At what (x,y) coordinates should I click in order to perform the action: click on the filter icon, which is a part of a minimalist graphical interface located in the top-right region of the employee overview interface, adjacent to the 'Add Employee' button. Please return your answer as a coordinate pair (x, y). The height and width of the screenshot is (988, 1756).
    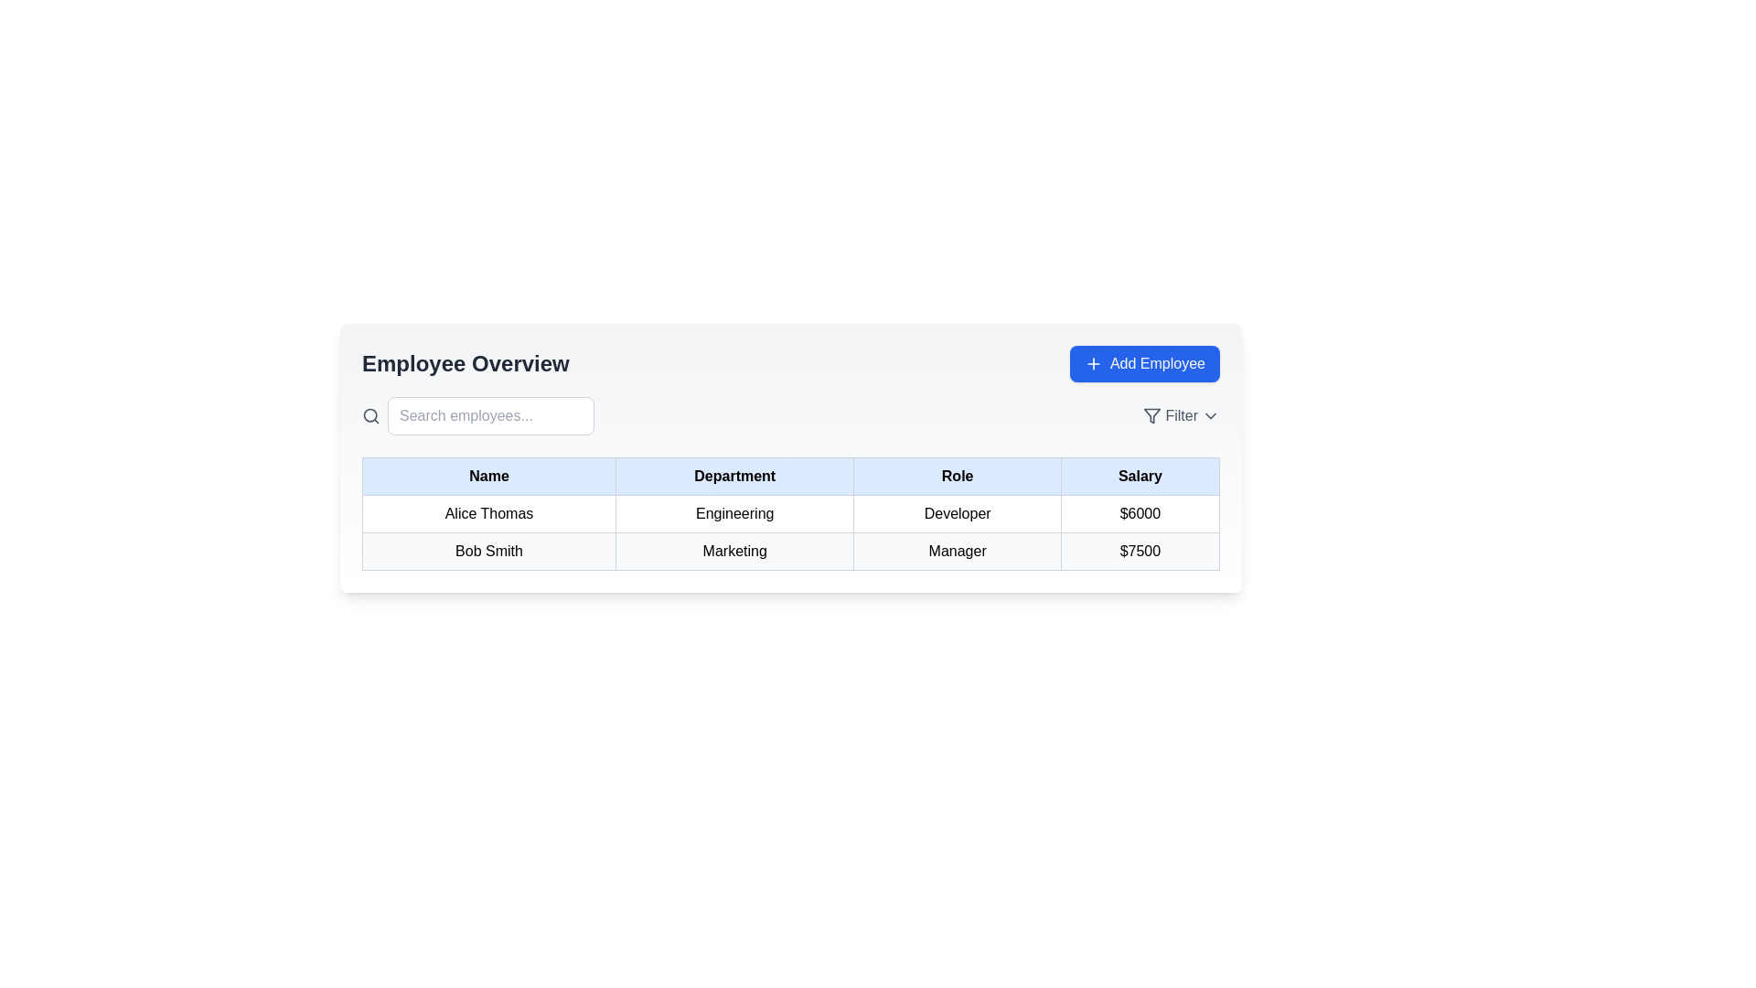
    Looking at the image, I should click on (1151, 416).